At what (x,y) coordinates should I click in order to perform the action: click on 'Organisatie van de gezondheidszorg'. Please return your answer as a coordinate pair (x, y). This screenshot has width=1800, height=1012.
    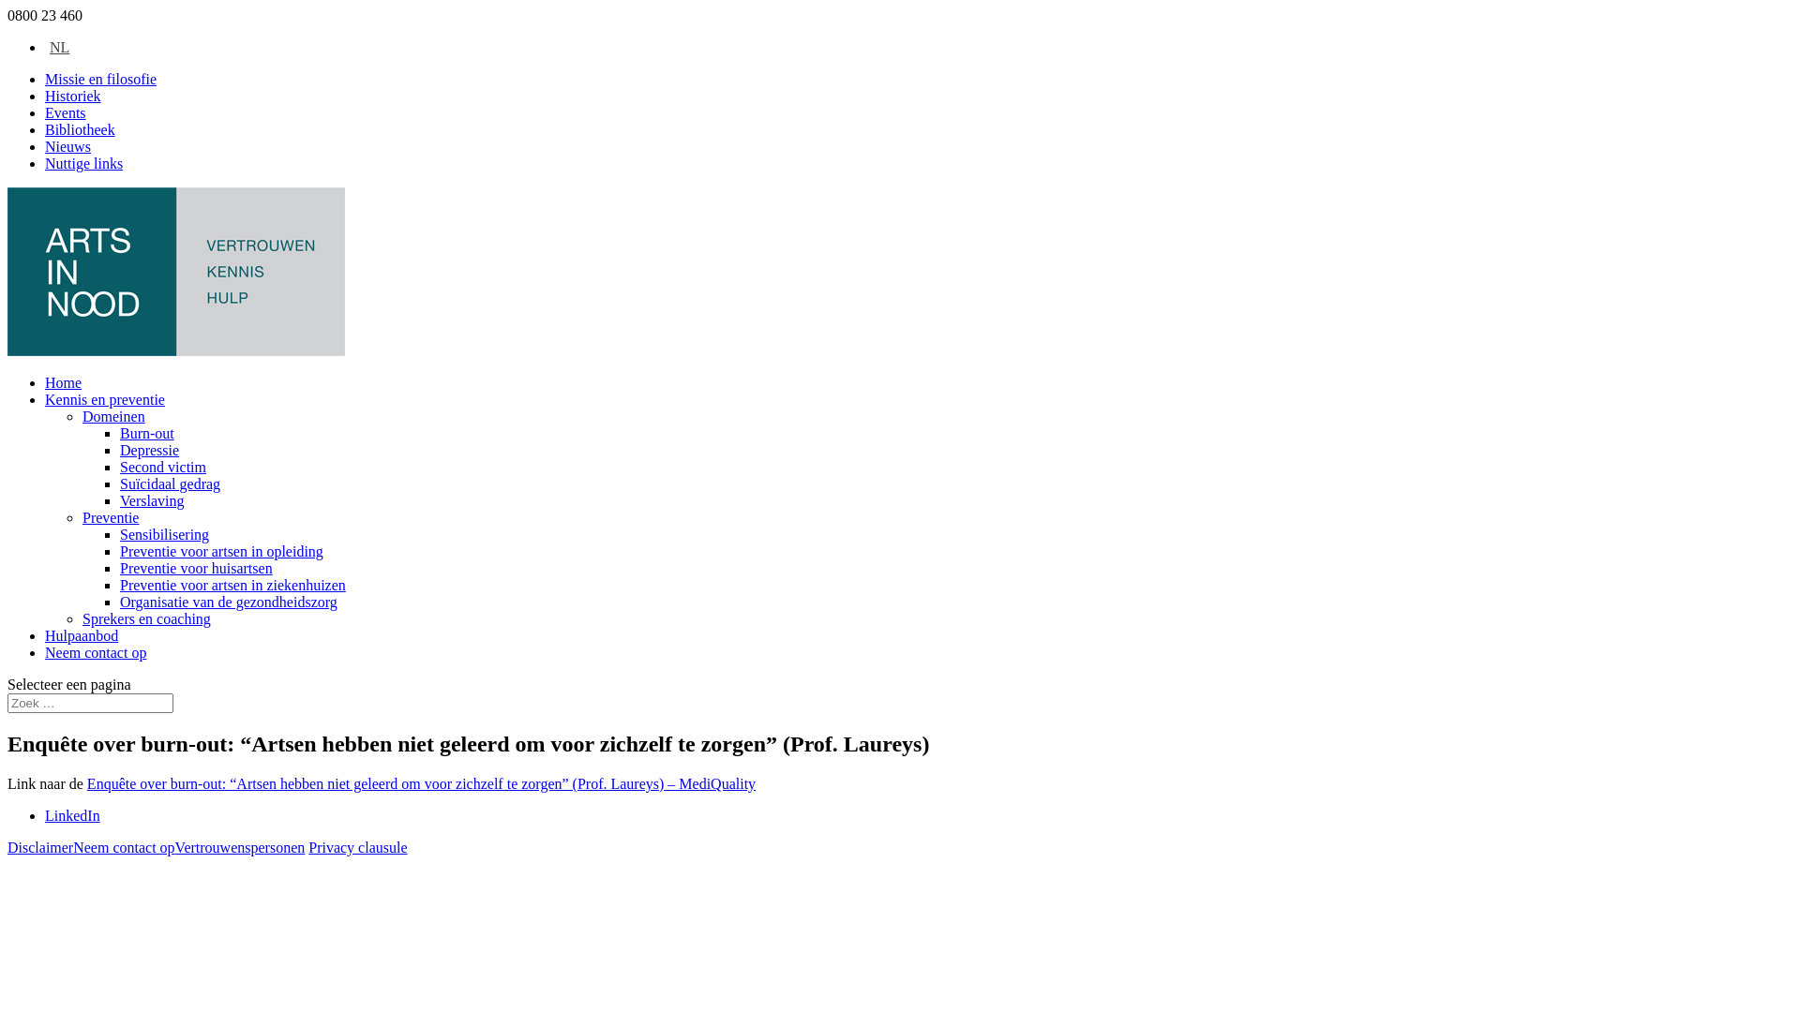
    Looking at the image, I should click on (228, 602).